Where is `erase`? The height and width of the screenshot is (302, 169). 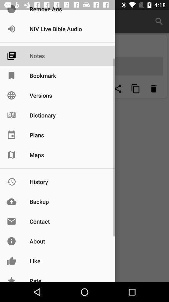 erase is located at coordinates (153, 88).